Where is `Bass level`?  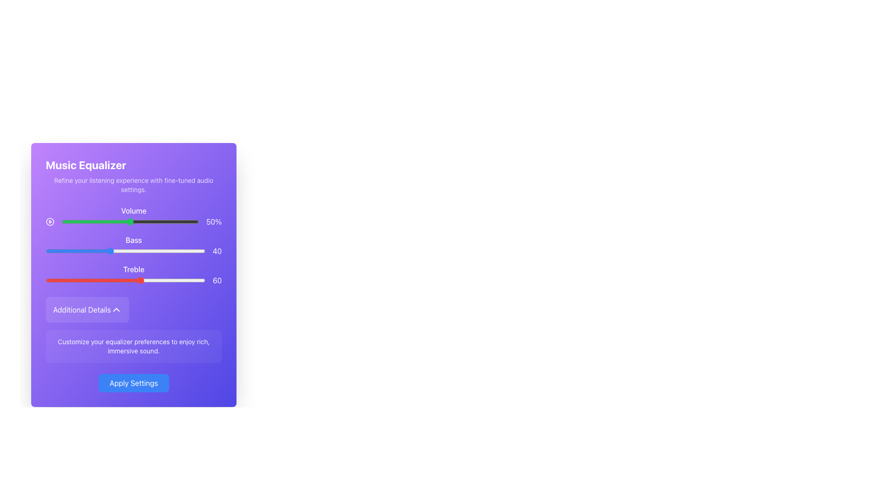 Bass level is located at coordinates (193, 251).